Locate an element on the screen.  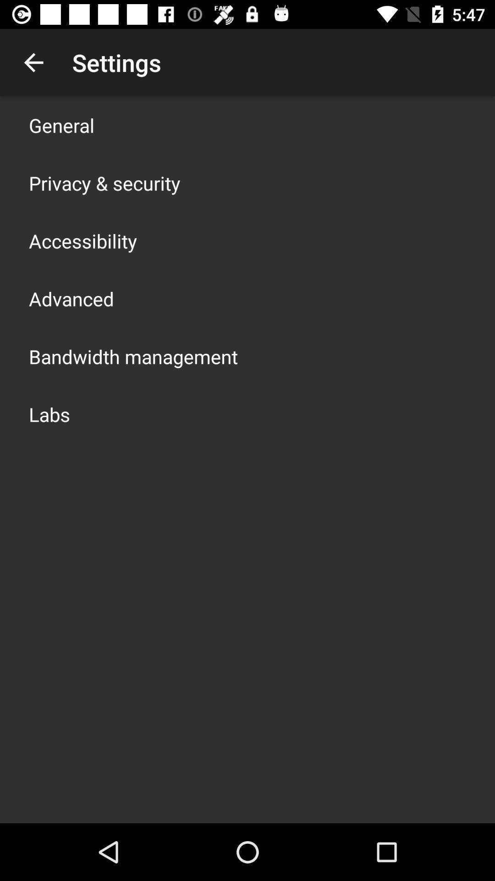
the icon above the accessibility is located at coordinates (104, 183).